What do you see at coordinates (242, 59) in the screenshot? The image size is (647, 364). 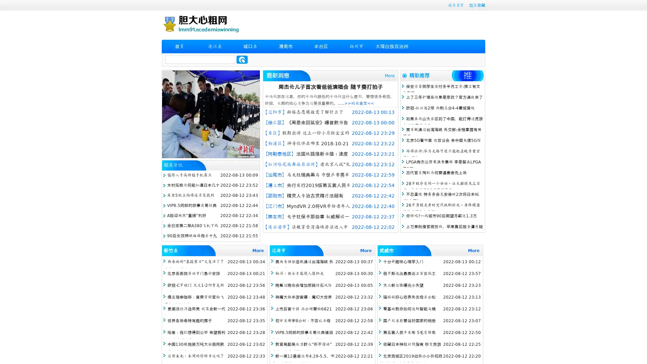 I see `Search` at bounding box center [242, 59].